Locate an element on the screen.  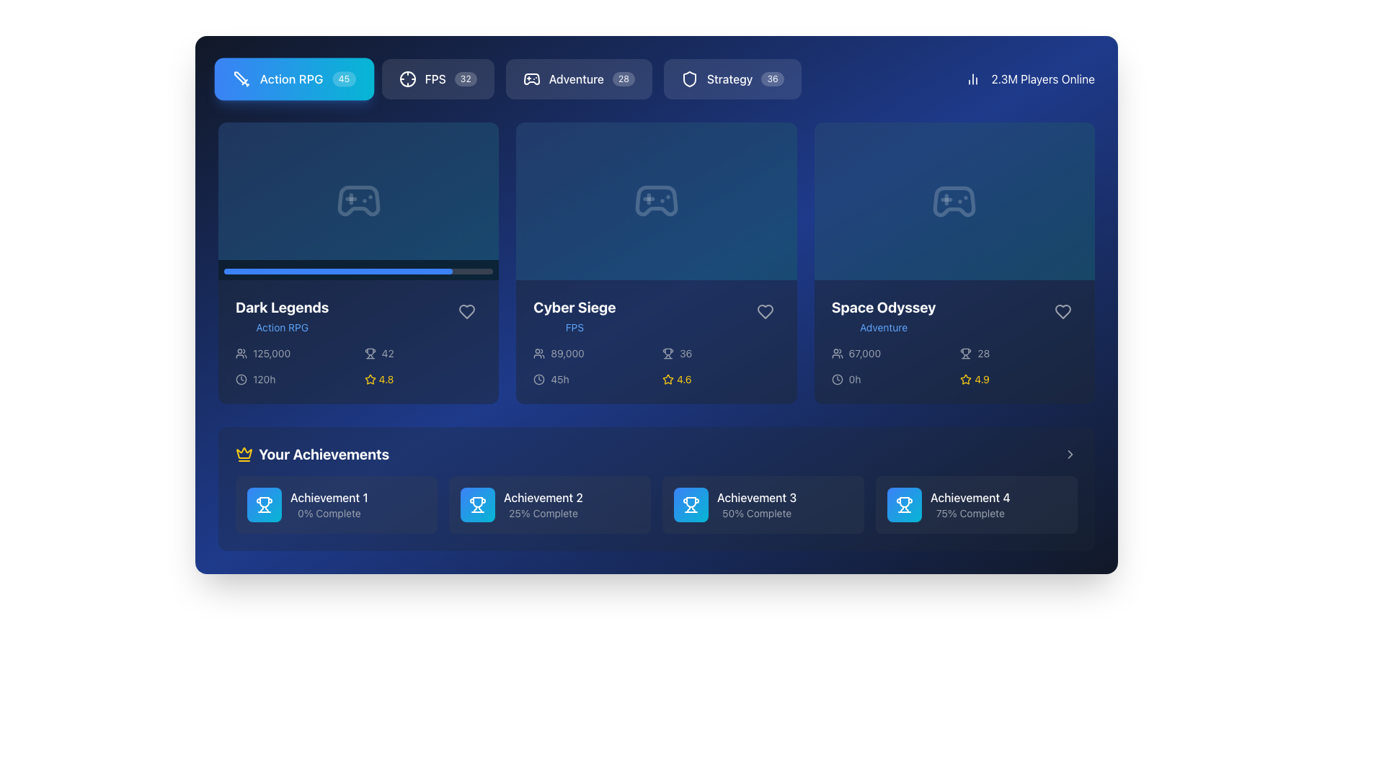
the label titled 'Cyber Siege' which represents a game in the second card from the left in a horizontal row of game cards is located at coordinates (574, 316).